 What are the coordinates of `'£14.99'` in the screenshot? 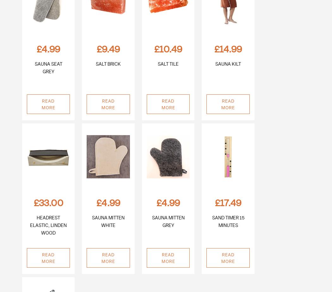 It's located at (228, 49).